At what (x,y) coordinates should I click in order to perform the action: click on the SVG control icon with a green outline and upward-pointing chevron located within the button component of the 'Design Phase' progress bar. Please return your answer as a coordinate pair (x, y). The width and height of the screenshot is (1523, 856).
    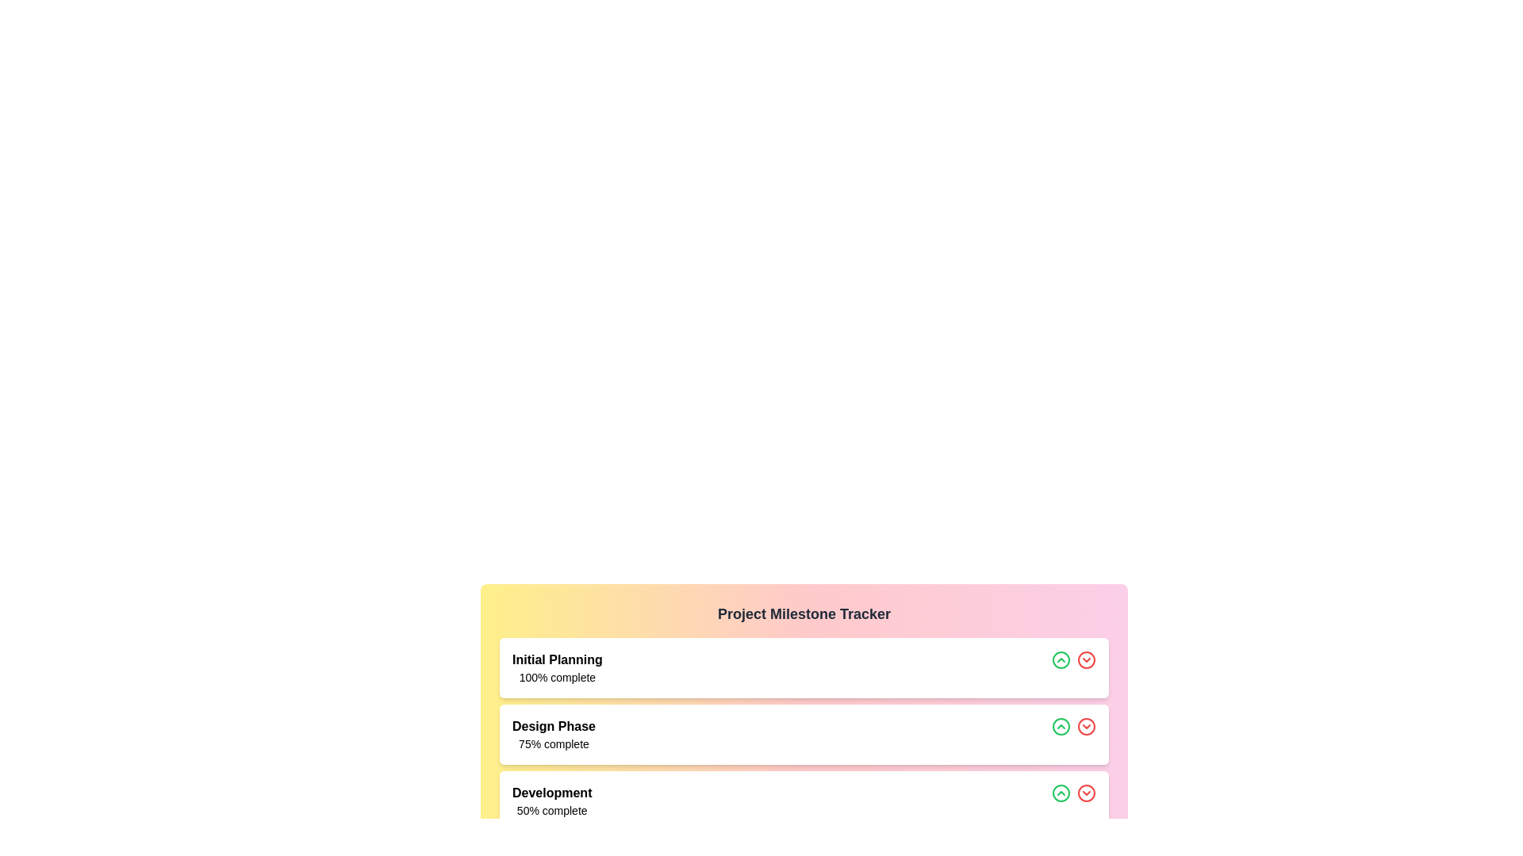
    Looking at the image, I should click on (1061, 660).